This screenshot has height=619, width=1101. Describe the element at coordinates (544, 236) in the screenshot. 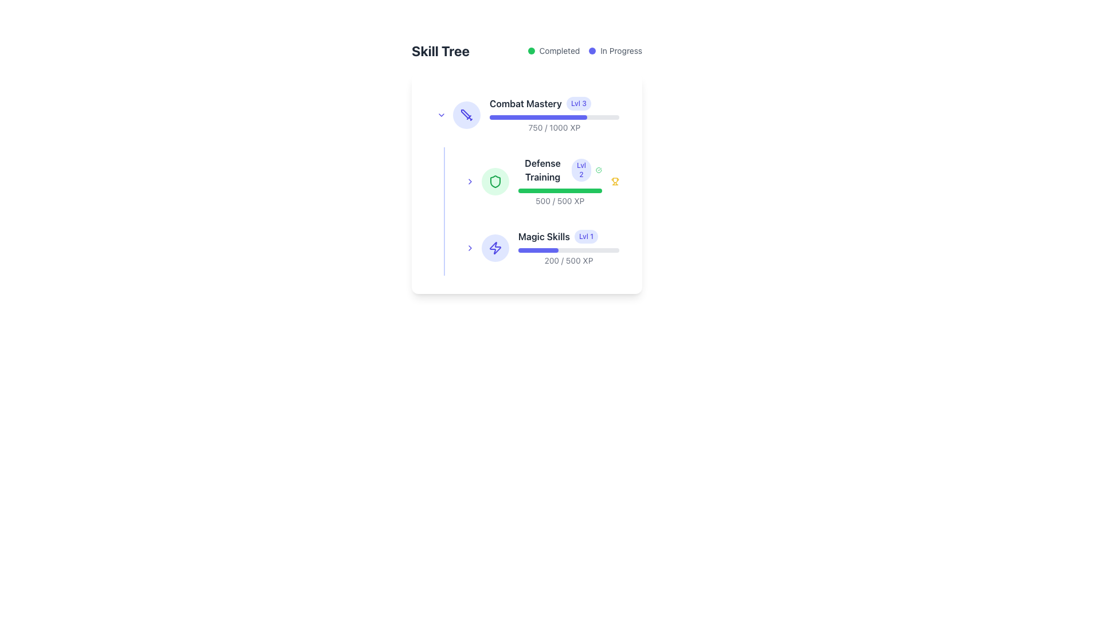

I see `the skill name label in the skill tree interface, which is located above the progress bar and to the right of the skill icon, serving to identify the skill category` at that location.